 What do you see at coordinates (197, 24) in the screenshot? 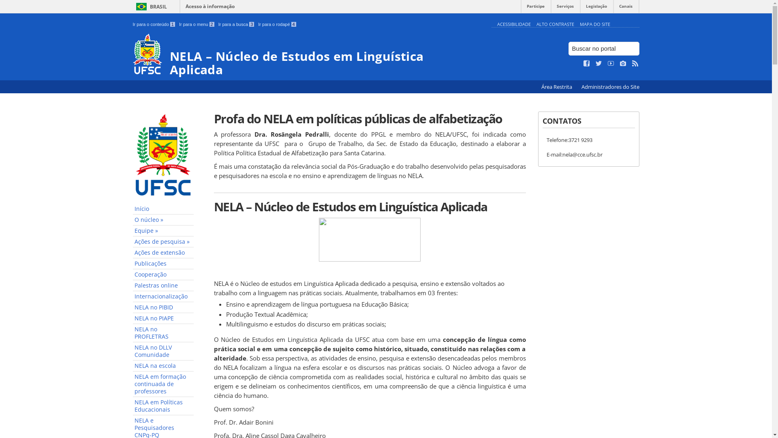
I see `'Ir para o menu 2'` at bounding box center [197, 24].